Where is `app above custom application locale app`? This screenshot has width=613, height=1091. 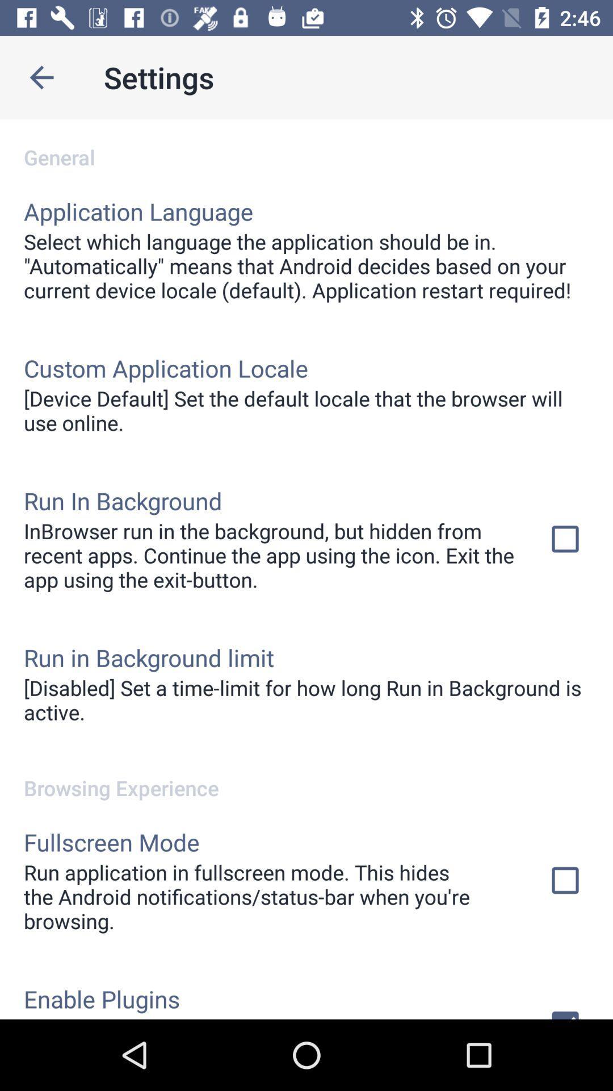 app above custom application locale app is located at coordinates (306, 265).